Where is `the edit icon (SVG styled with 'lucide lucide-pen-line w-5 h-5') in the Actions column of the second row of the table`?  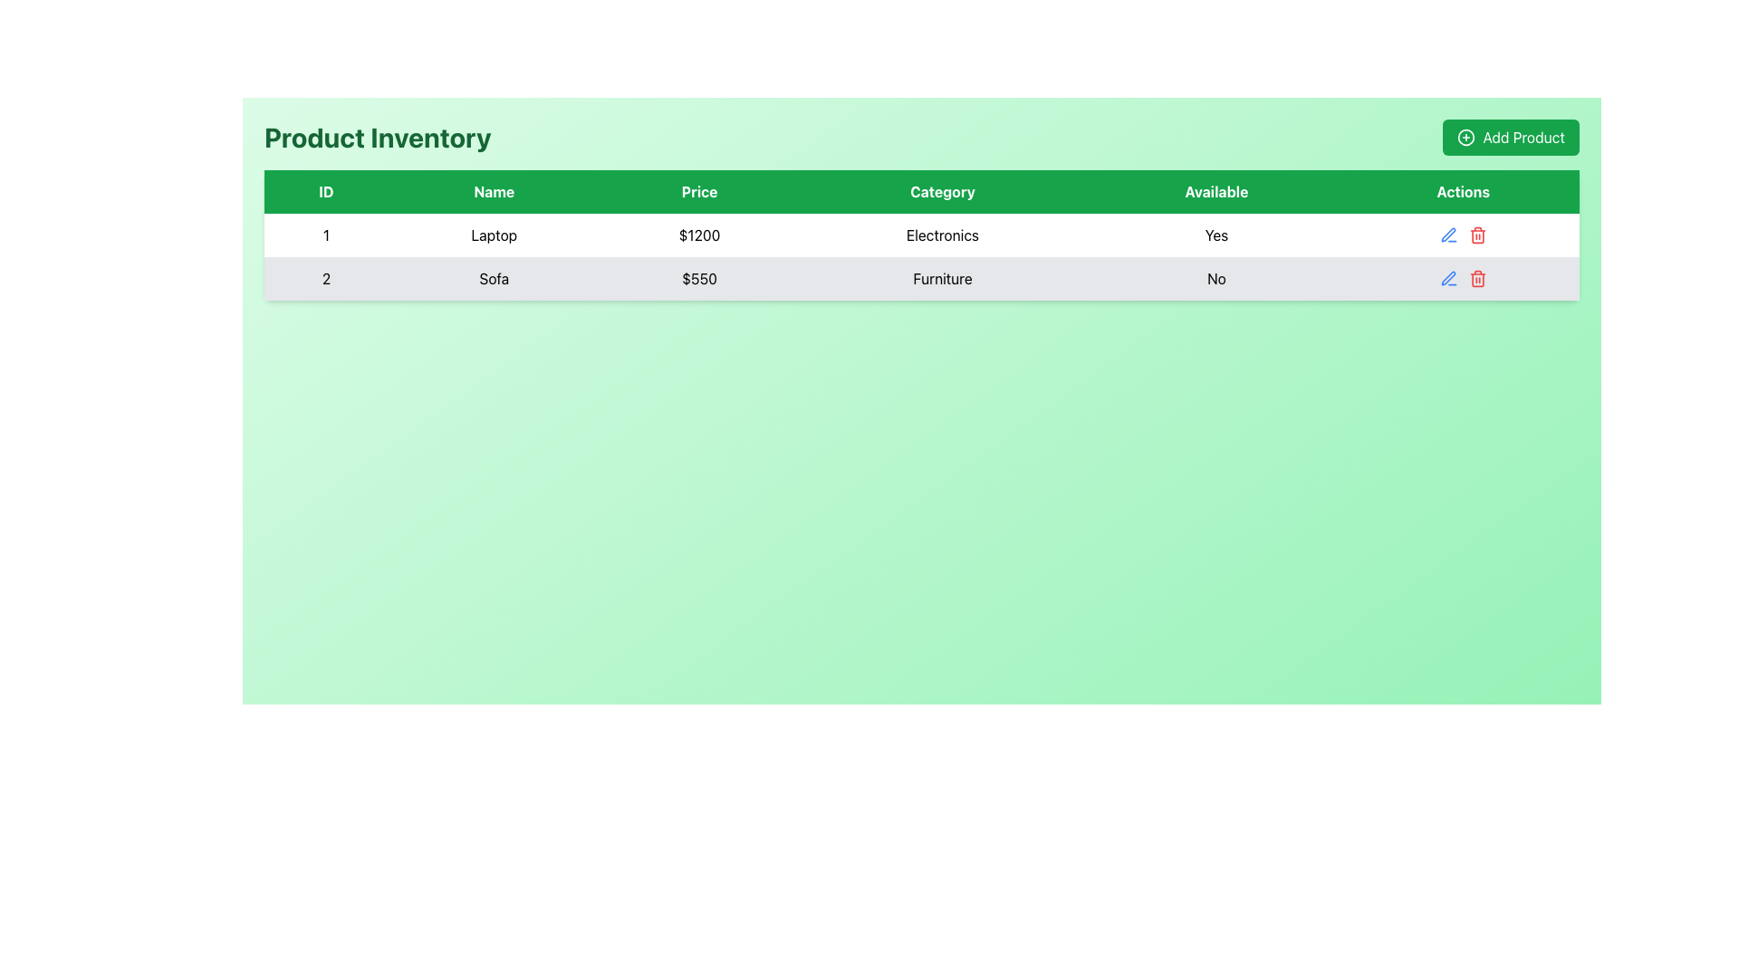 the edit icon (SVG styled with 'lucide lucide-pen-line w-5 h-5') in the Actions column of the second row of the table is located at coordinates (1447, 234).